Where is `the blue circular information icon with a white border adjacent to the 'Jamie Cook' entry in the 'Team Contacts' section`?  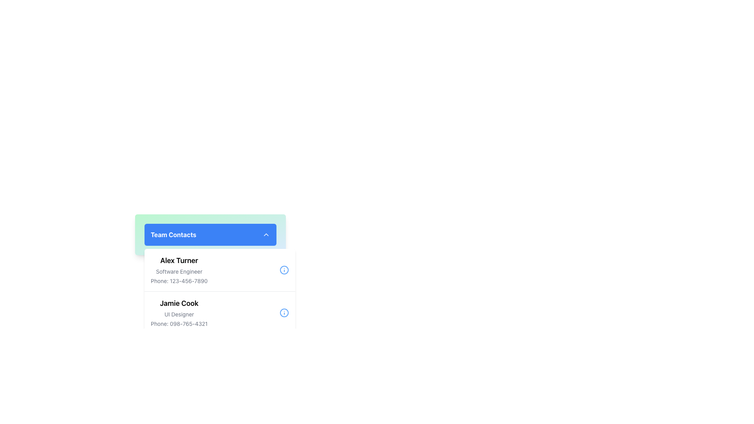
the blue circular information icon with a white border adjacent to the 'Jamie Cook' entry in the 'Team Contacts' section is located at coordinates (284, 313).